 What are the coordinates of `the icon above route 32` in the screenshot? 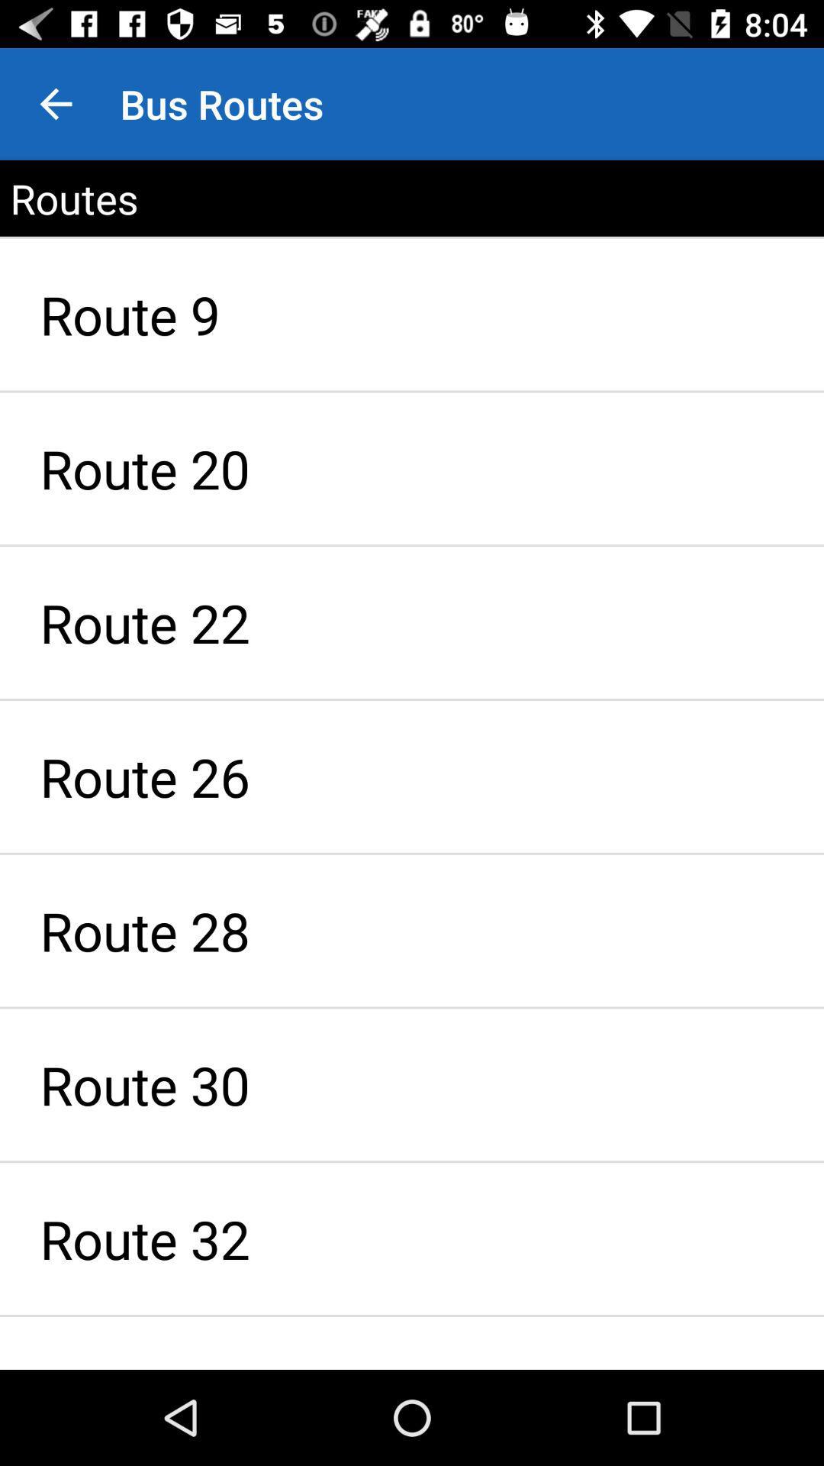 It's located at (412, 1083).